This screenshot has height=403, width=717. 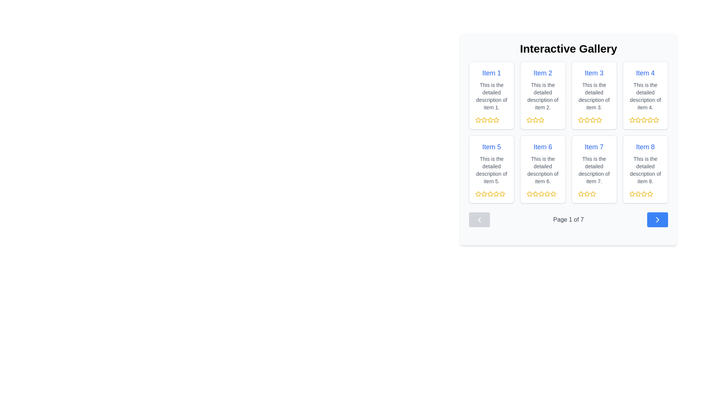 I want to click on the third yellow star icon with a hollow center in the rating system under the card labeled 'Item 5' on the second row of the gallery grid, so click(x=484, y=194).